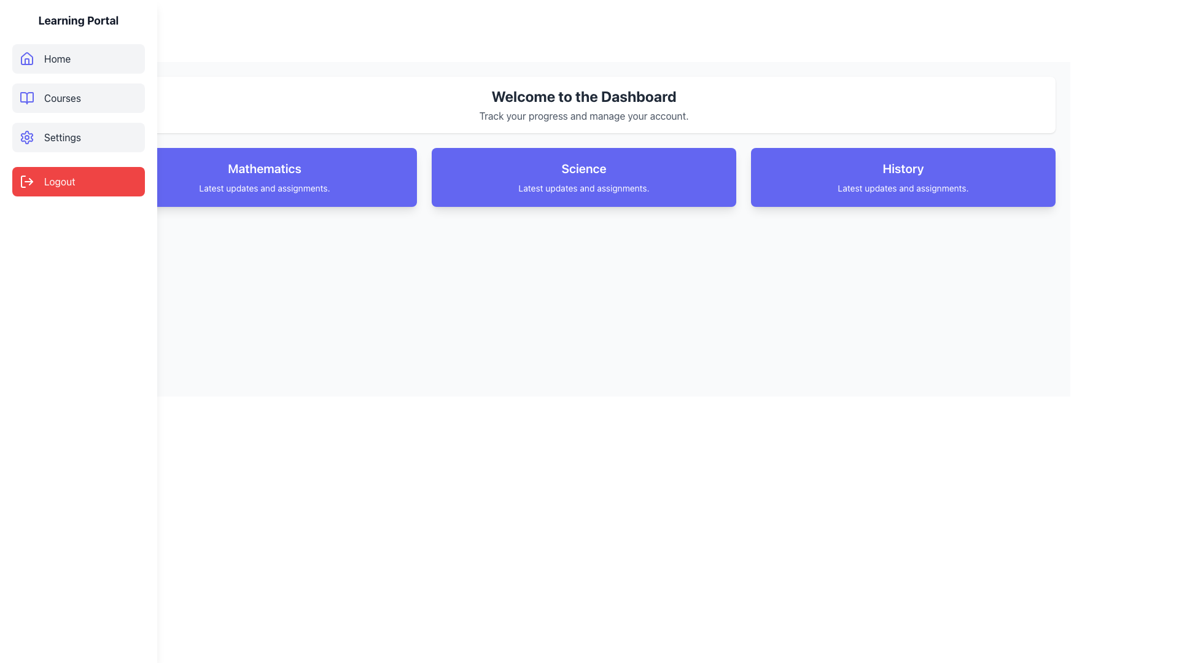 The image size is (1179, 663). Describe the element at coordinates (26, 58) in the screenshot. I see `the stylized house outline icon located on the left-hand panel of the navigation menu, just before the text label 'Home'` at that location.